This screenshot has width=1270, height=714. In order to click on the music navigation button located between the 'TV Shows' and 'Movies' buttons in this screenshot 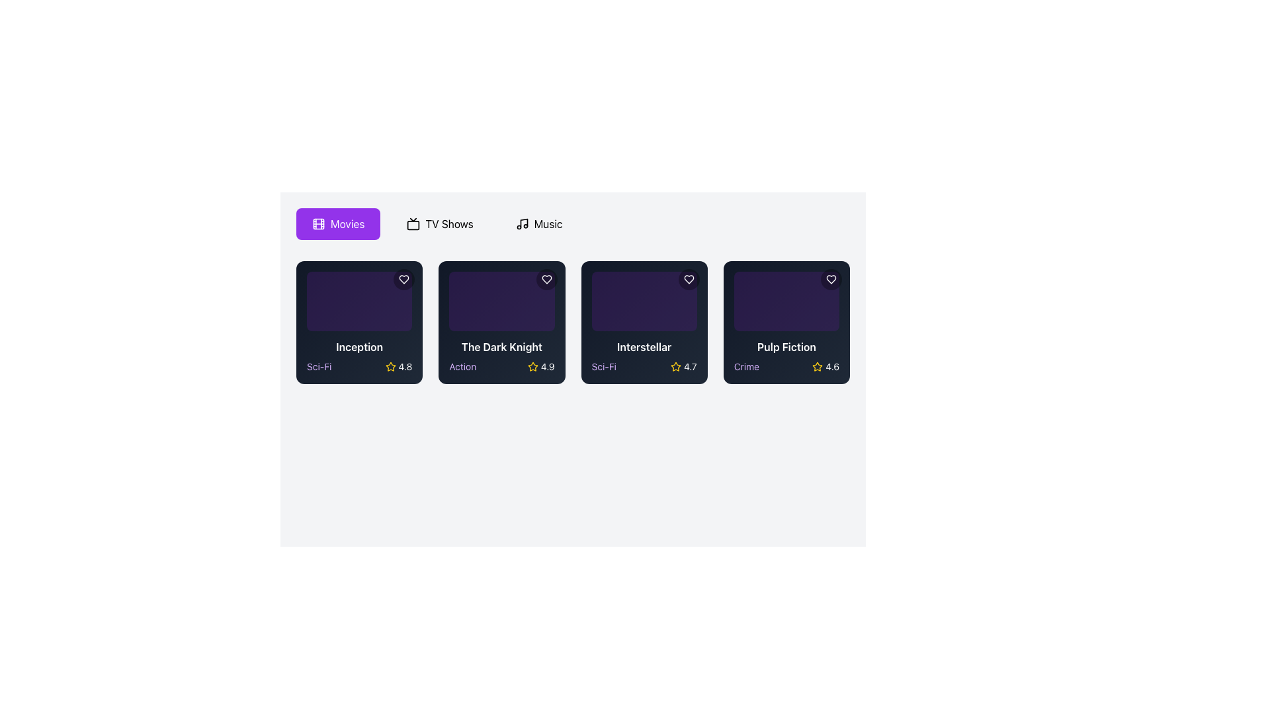, I will do `click(539, 223)`.